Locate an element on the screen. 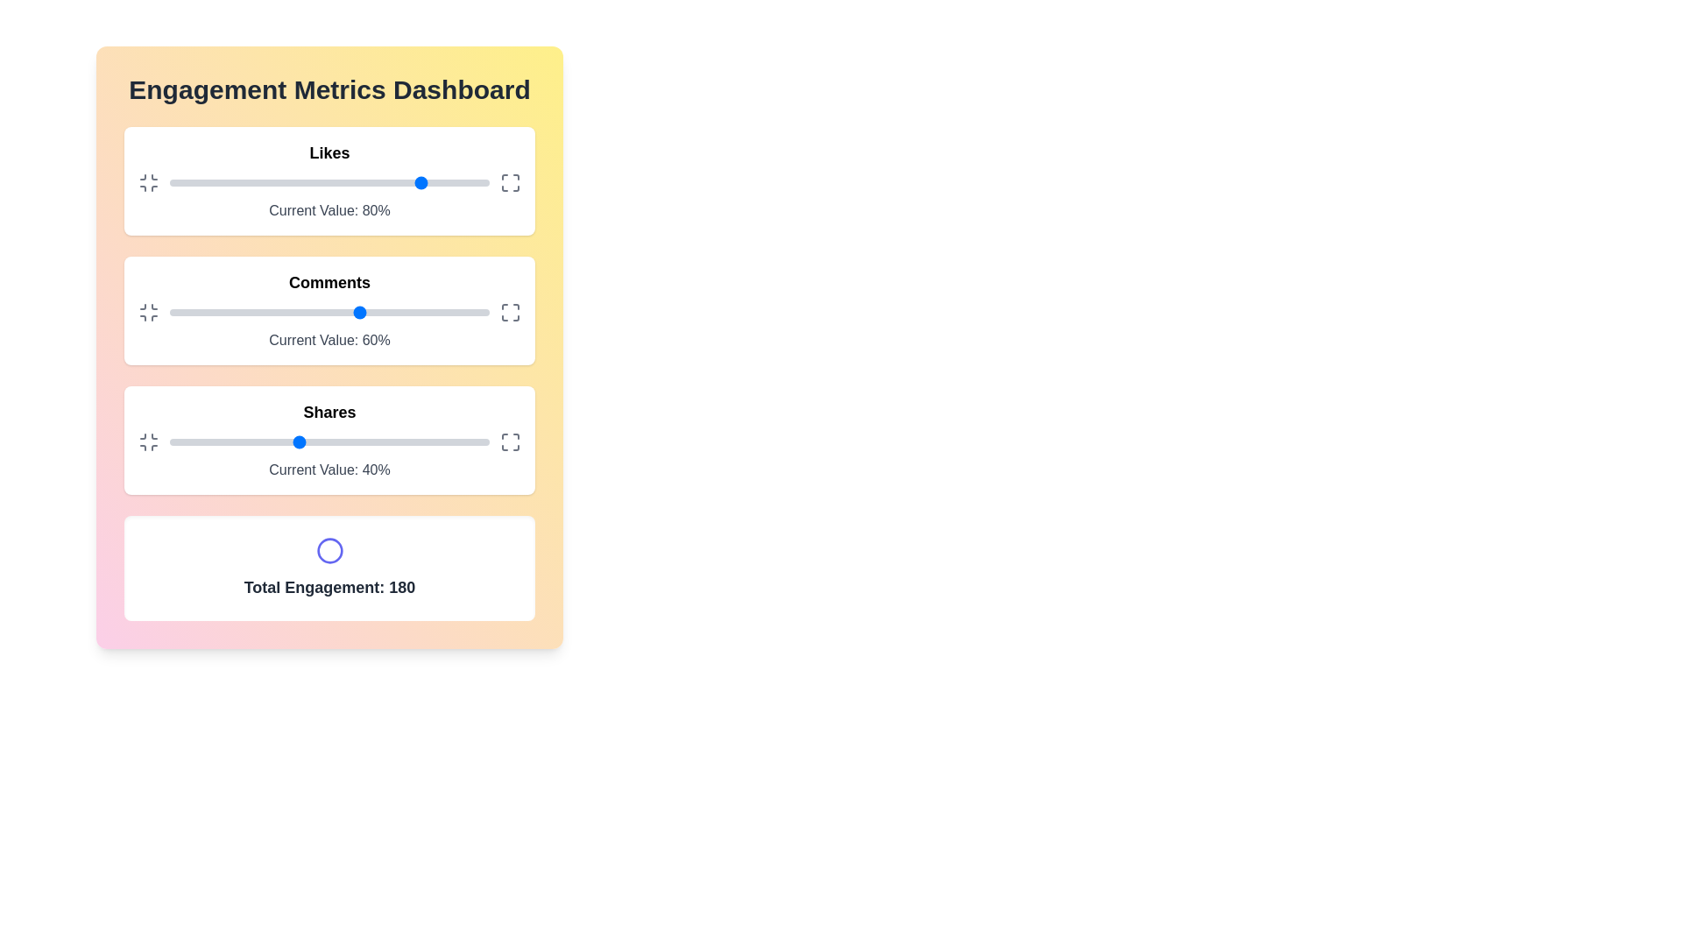 The height and width of the screenshot is (946, 1682). the shares value is located at coordinates (268, 441).